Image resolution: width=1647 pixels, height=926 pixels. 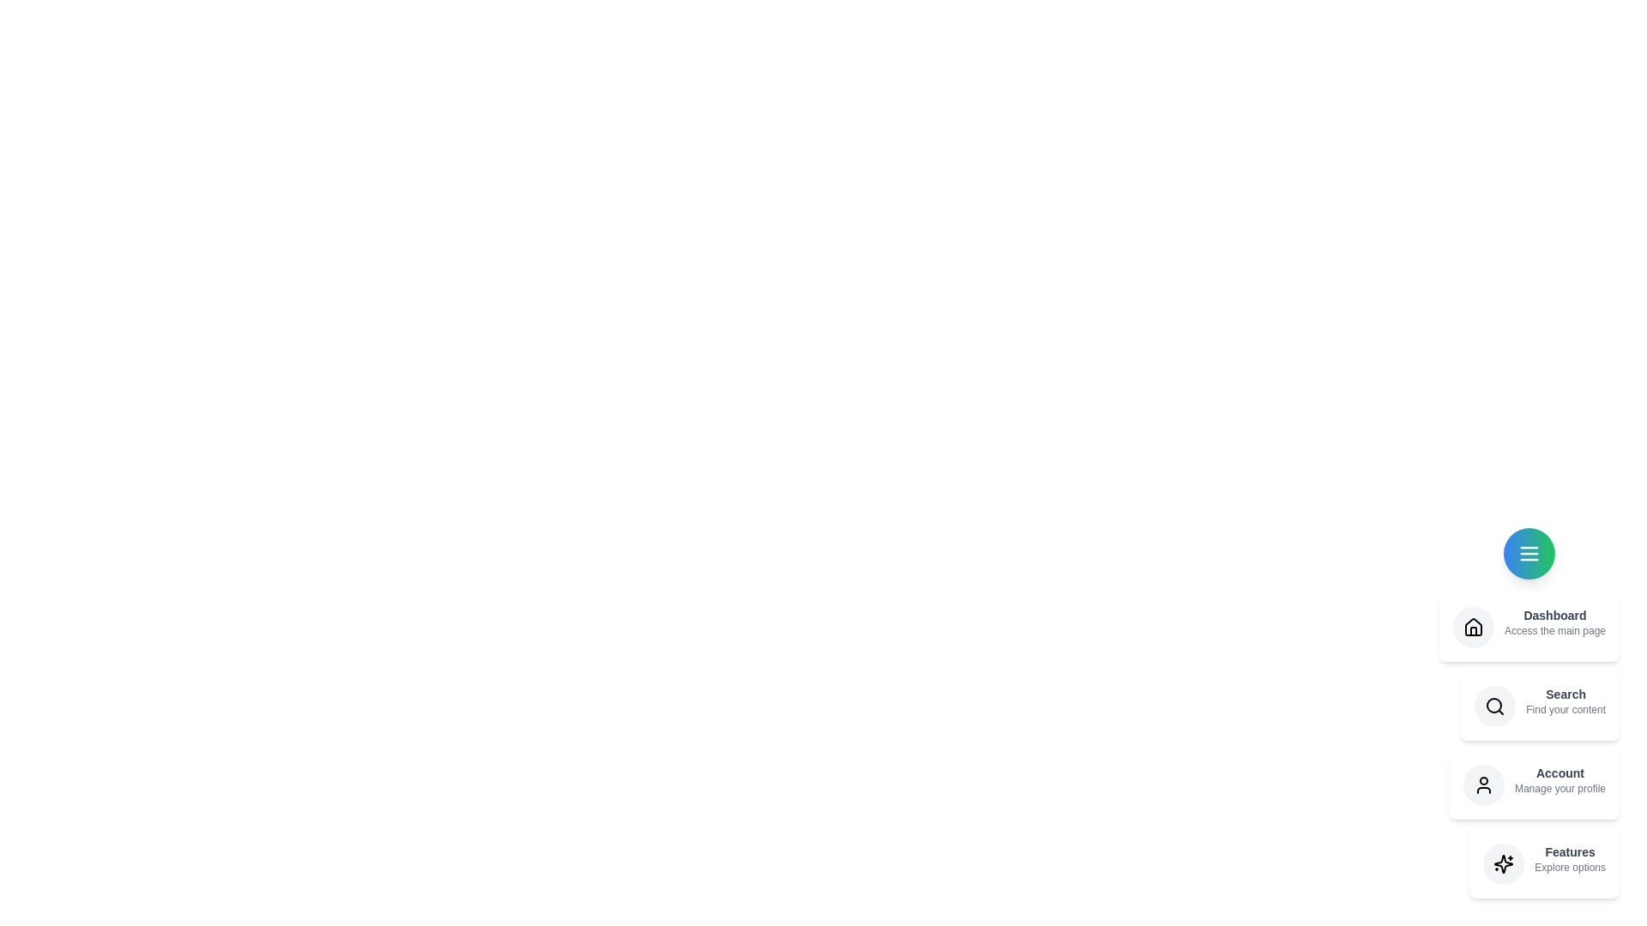 What do you see at coordinates (1535, 785) in the screenshot?
I see `the speed dial item Account to explore its functionality` at bounding box center [1535, 785].